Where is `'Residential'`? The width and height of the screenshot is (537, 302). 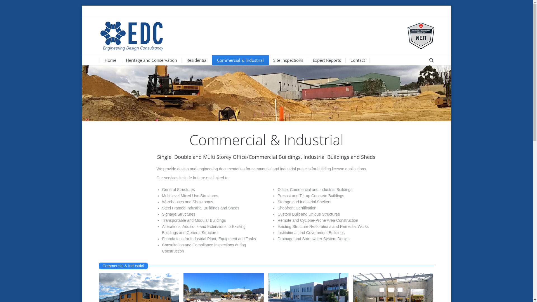 'Residential' is located at coordinates (197, 60).